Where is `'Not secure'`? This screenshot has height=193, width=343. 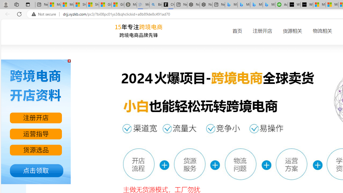 'Not secure' is located at coordinates (45, 14).